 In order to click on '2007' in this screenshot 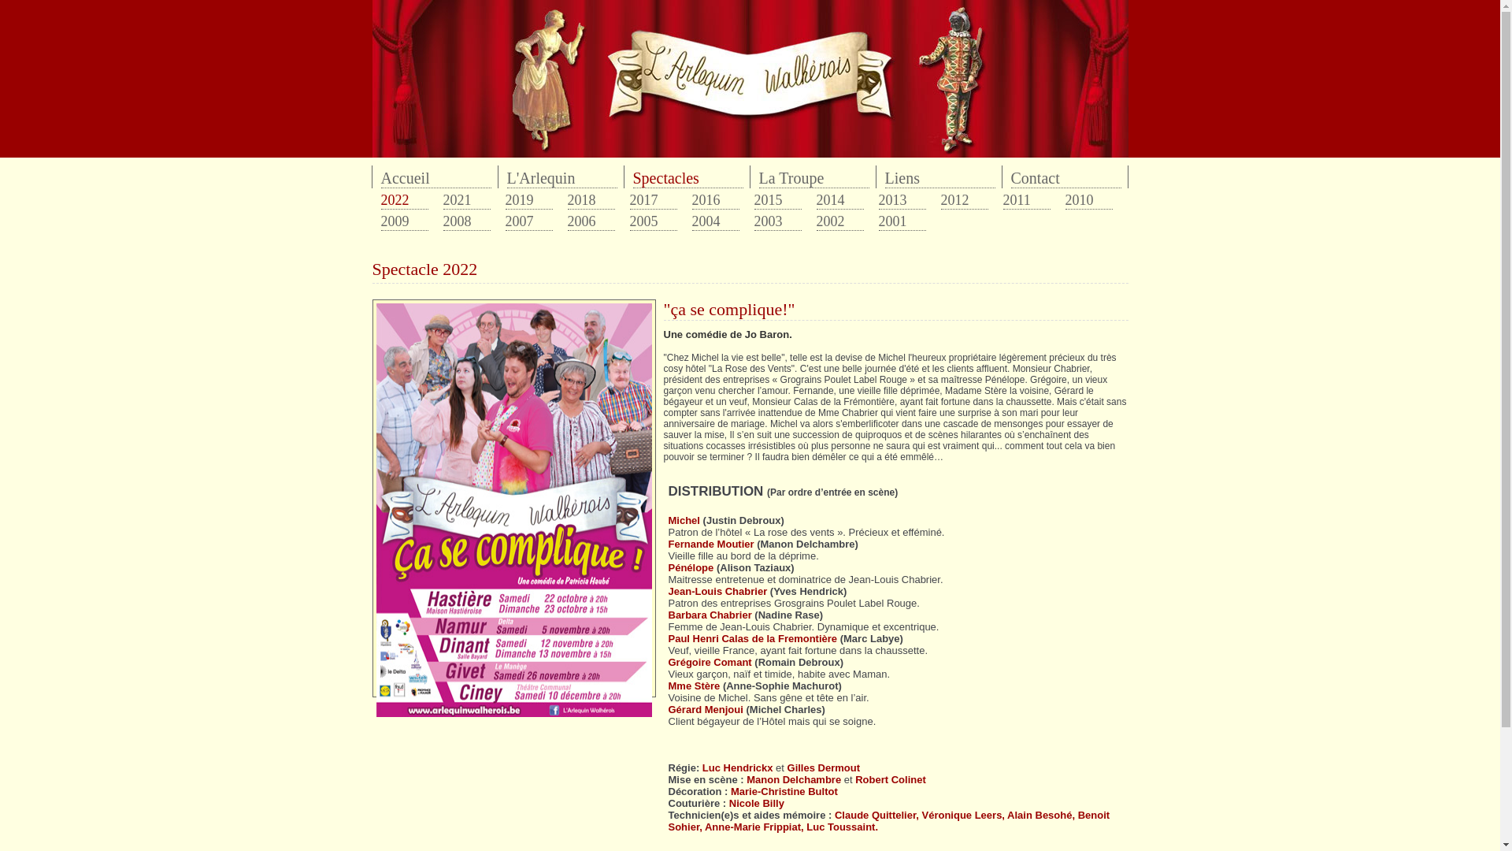, I will do `click(529, 221)`.